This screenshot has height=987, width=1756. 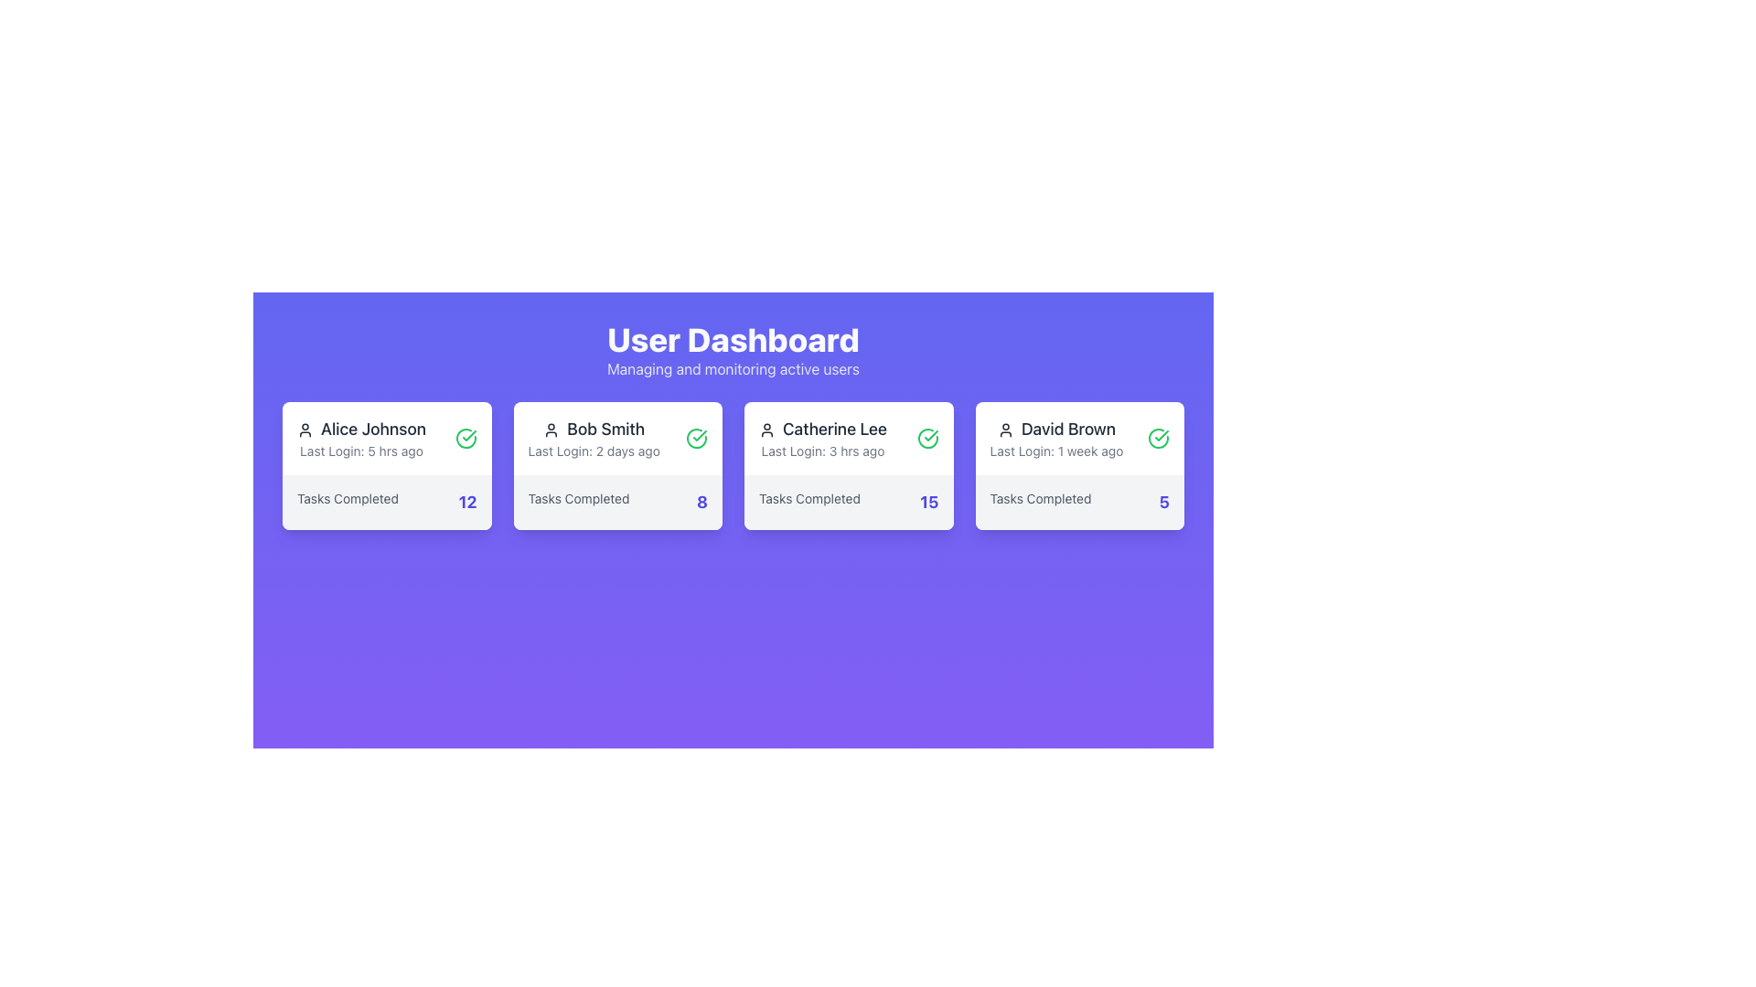 What do you see at coordinates (1056, 451) in the screenshot?
I see `the text label that displays the last login time for the user, located below 'David Brown' and above the numerical data in the far-right user details card` at bounding box center [1056, 451].